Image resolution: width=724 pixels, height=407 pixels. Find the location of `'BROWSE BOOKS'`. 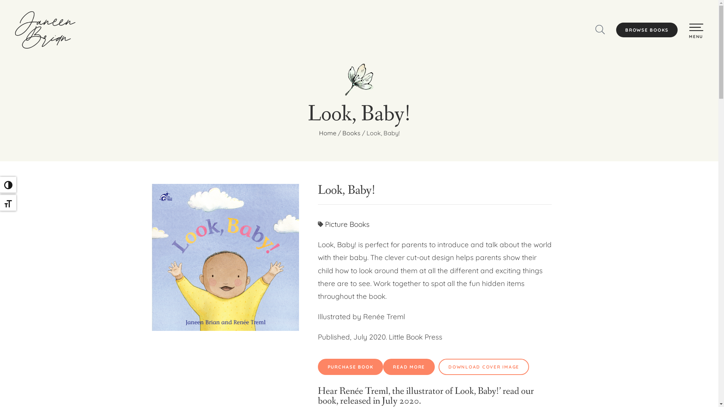

'BROWSE BOOKS' is located at coordinates (646, 30).